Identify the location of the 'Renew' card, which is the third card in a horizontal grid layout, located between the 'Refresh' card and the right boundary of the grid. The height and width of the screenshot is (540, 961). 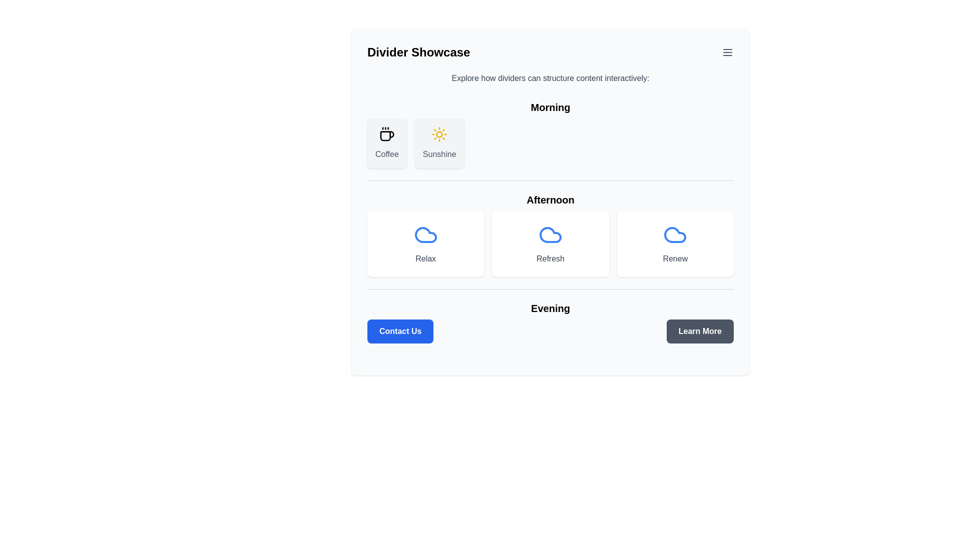
(675, 244).